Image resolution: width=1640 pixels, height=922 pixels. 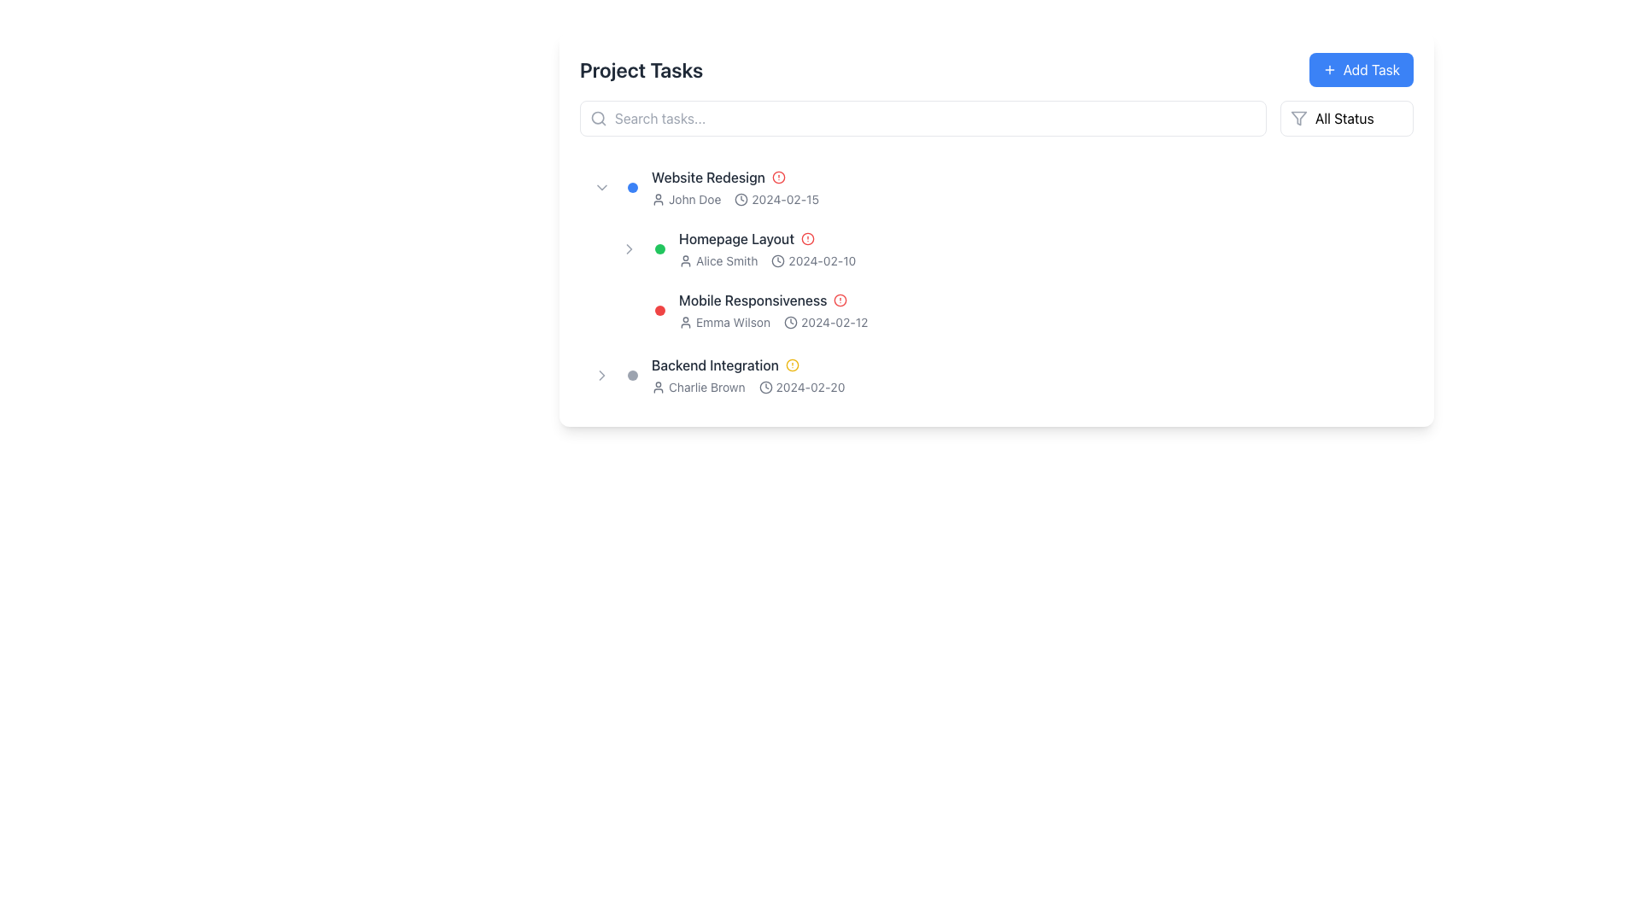 I want to click on the date label '2024-02-20' next to the clock icon in the 'Backend Integration' task section, so click(x=801, y=388).